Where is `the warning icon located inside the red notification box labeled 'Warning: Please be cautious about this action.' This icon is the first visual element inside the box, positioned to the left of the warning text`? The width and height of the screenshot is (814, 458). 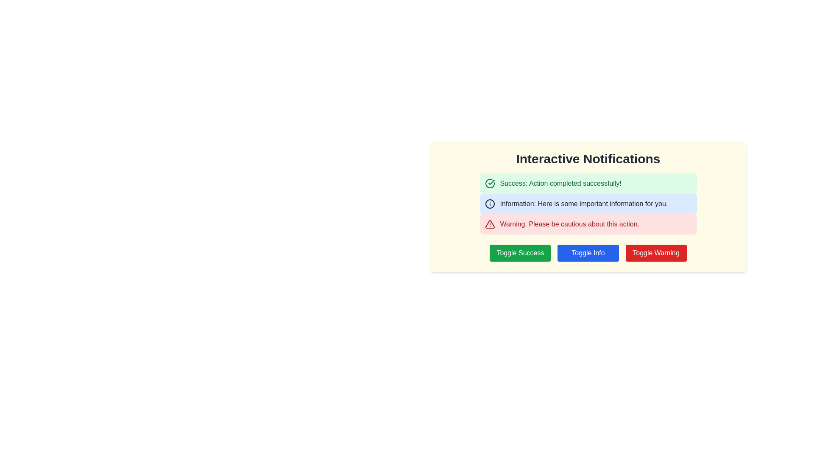
the warning icon located inside the red notification box labeled 'Warning: Please be cautious about this action.' This icon is the first visual element inside the box, positioned to the left of the warning text is located at coordinates (490, 223).